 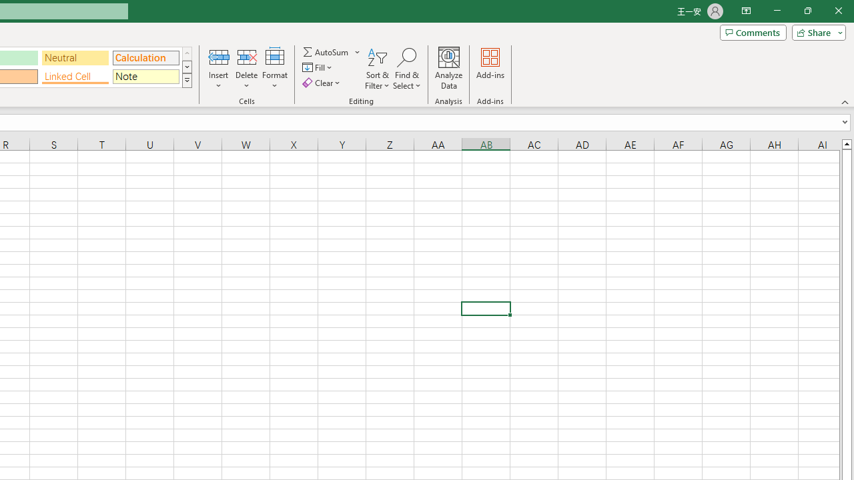 What do you see at coordinates (449, 69) in the screenshot?
I see `'Analyze Data'` at bounding box center [449, 69].